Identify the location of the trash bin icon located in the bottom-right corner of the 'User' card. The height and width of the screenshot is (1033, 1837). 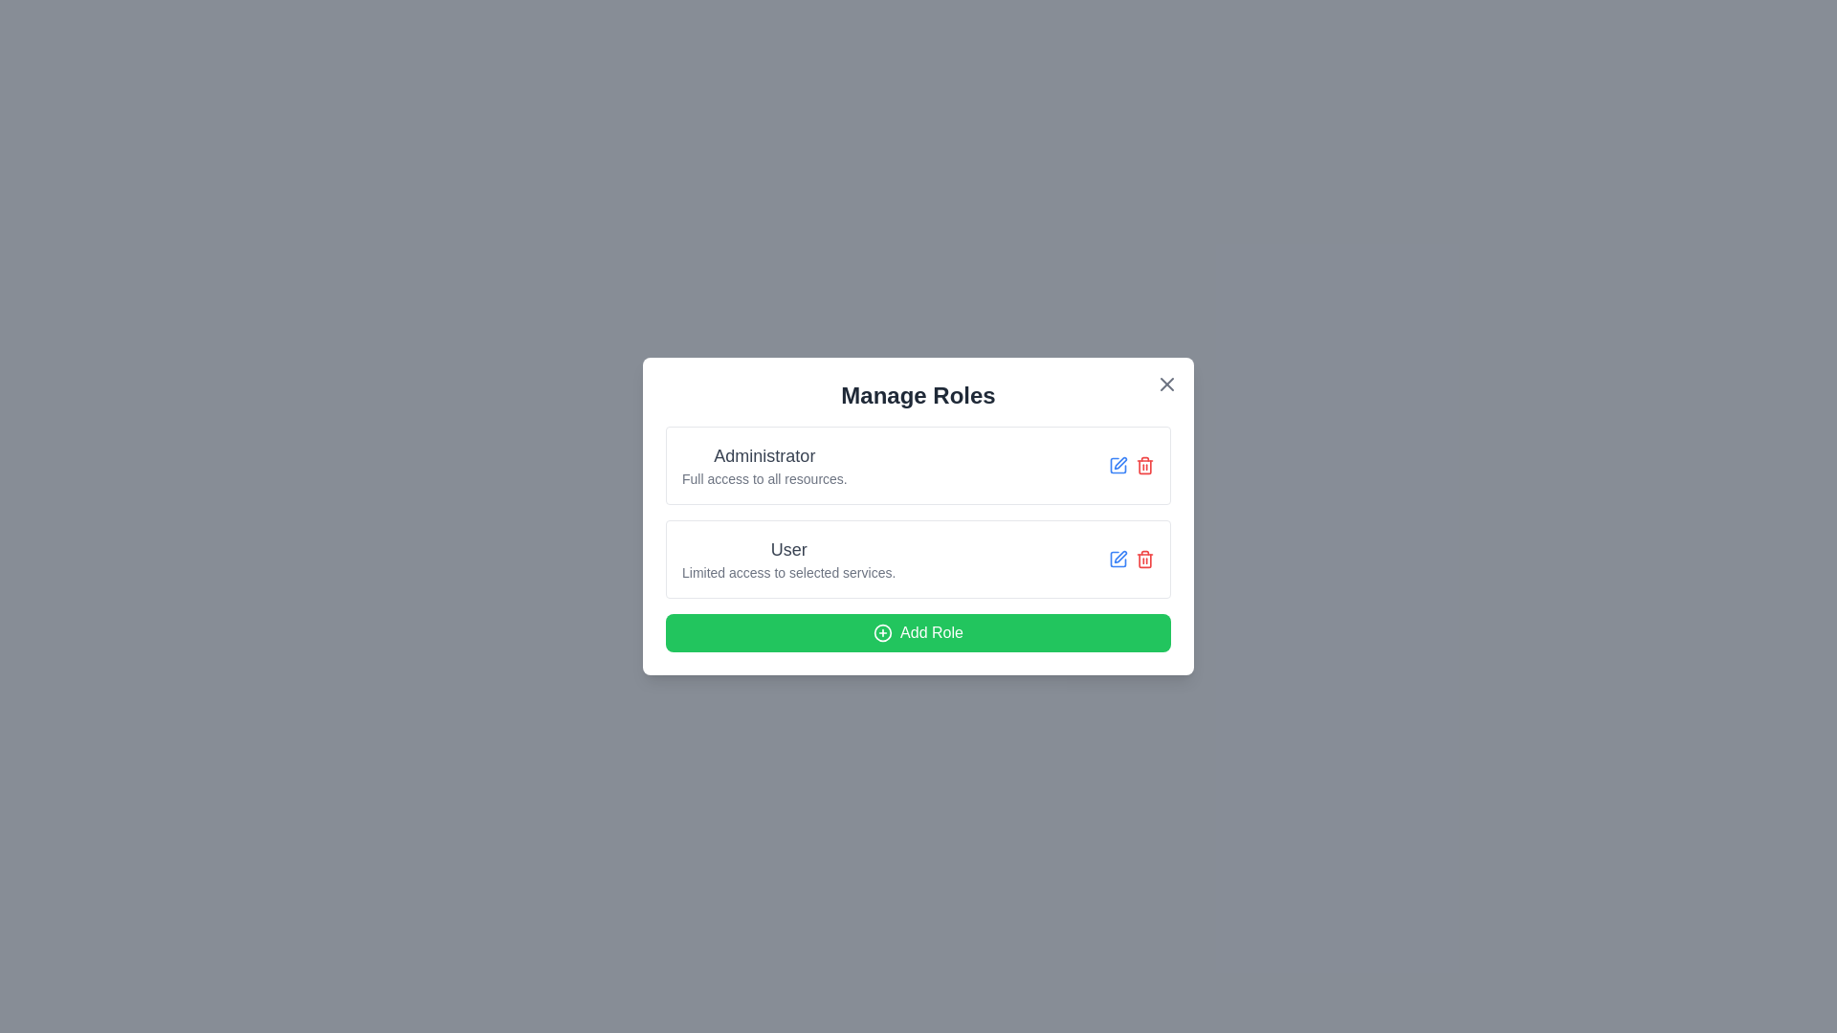
(1131, 560).